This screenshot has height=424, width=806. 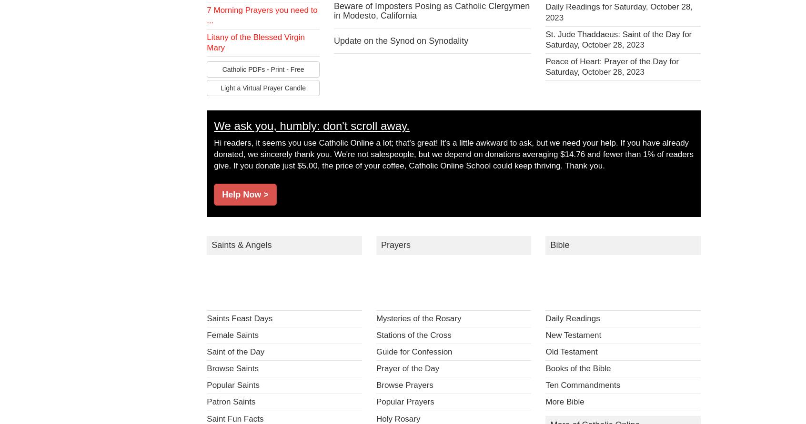 What do you see at coordinates (618, 12) in the screenshot?
I see `'Daily Readings for Saturday, October 28, 2023'` at bounding box center [618, 12].